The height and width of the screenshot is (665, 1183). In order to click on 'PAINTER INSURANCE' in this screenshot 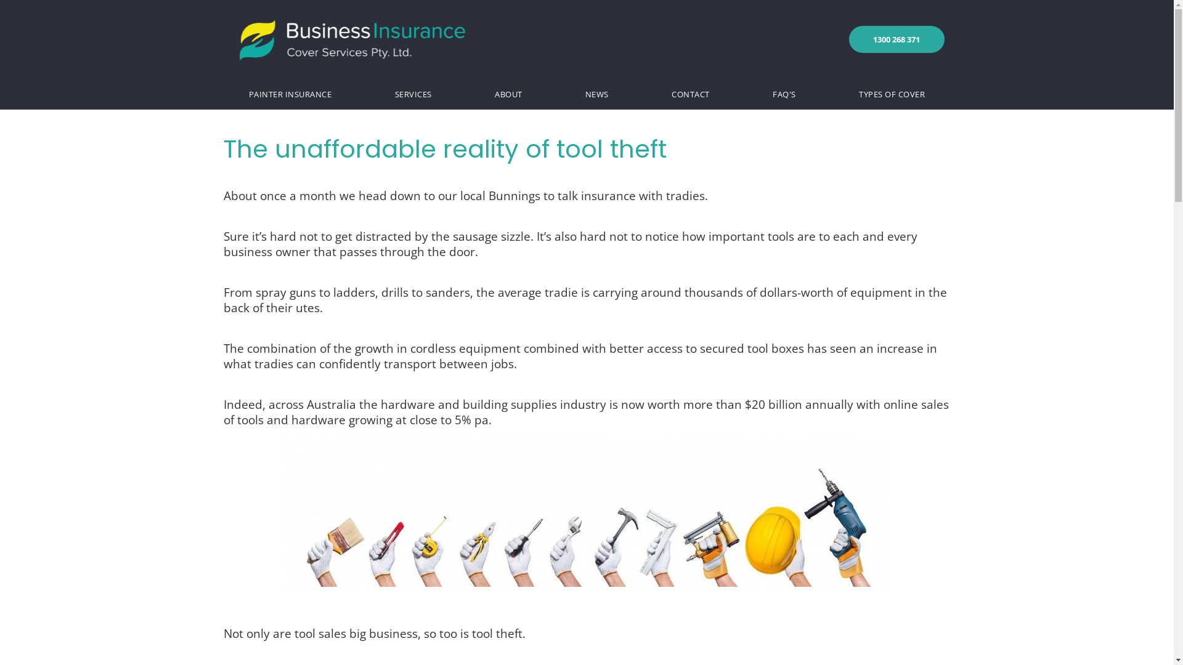, I will do `click(289, 94)`.